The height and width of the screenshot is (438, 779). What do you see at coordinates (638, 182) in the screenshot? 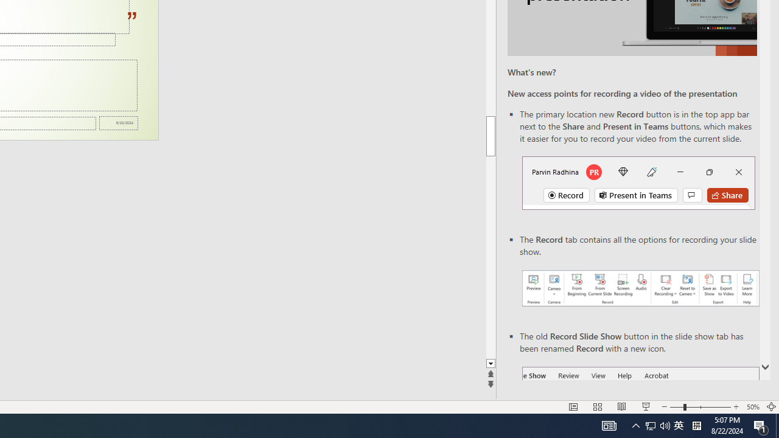
I see `'Record button in top bar'` at bounding box center [638, 182].